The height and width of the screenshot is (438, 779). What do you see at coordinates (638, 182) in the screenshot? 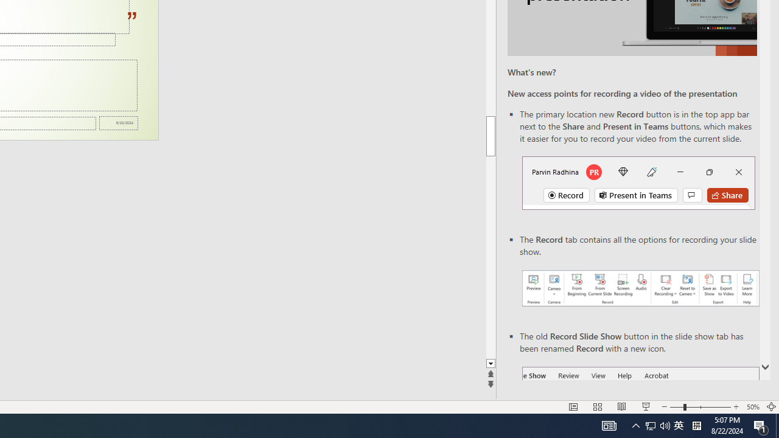
I see `'Record button in top bar'` at bounding box center [638, 182].